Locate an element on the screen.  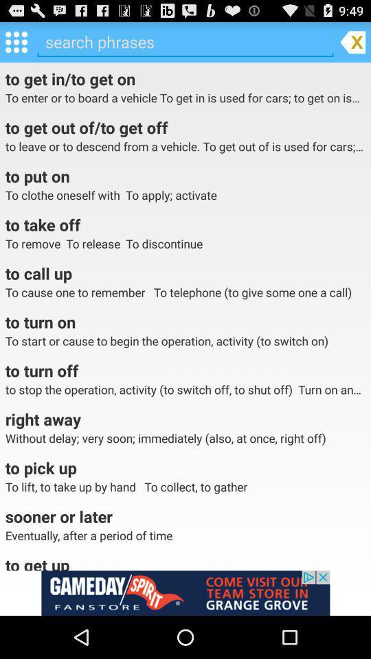
english teacher display is located at coordinates (185, 592).